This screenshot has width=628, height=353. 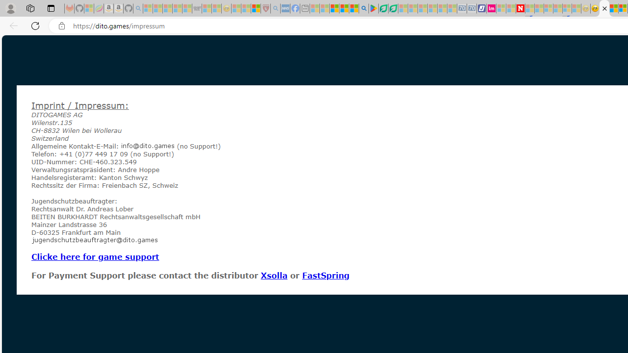 I want to click on 'google - Search', so click(x=363, y=8).